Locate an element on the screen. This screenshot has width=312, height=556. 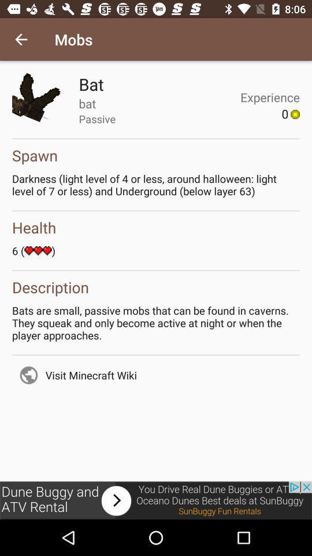
advertisement is located at coordinates (156, 500).